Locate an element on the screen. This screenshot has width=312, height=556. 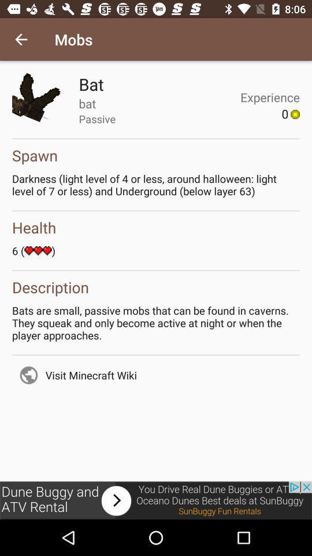
advertisement is located at coordinates (156, 500).